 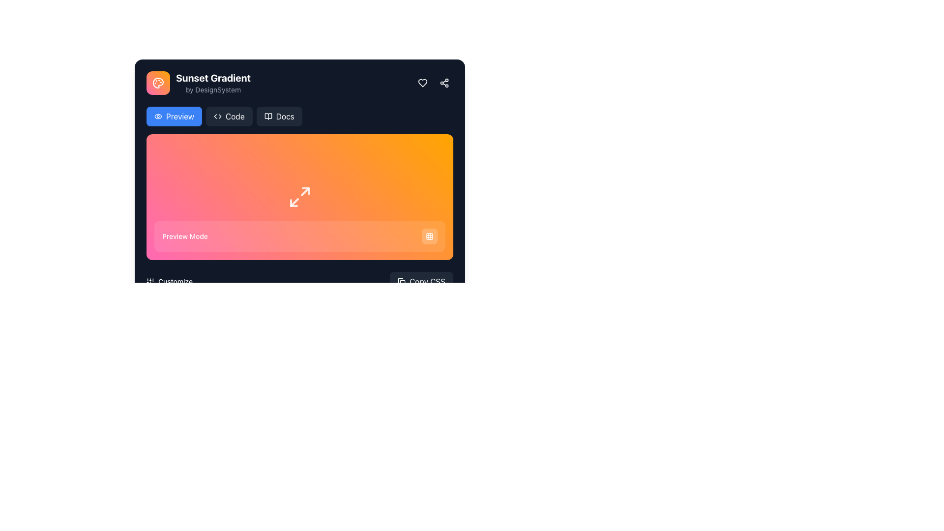 What do you see at coordinates (421, 282) in the screenshot?
I see `the 'Copy CSS' button located at the bottom-right corner of the section to copy the CSS code to the clipboard` at bounding box center [421, 282].